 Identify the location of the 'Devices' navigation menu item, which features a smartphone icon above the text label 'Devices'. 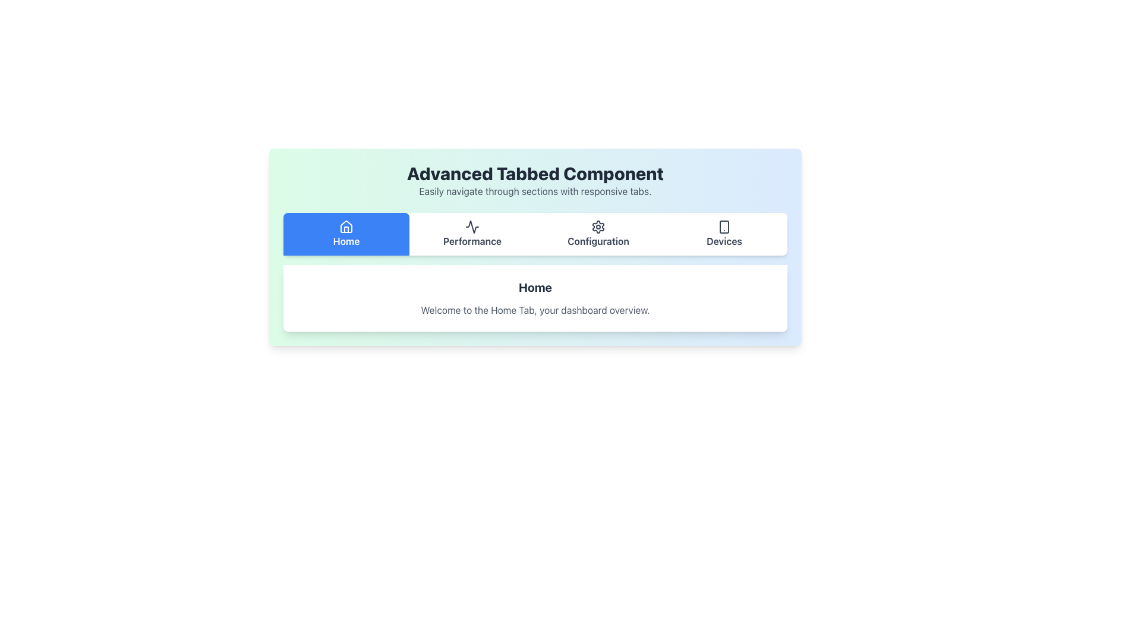
(724, 234).